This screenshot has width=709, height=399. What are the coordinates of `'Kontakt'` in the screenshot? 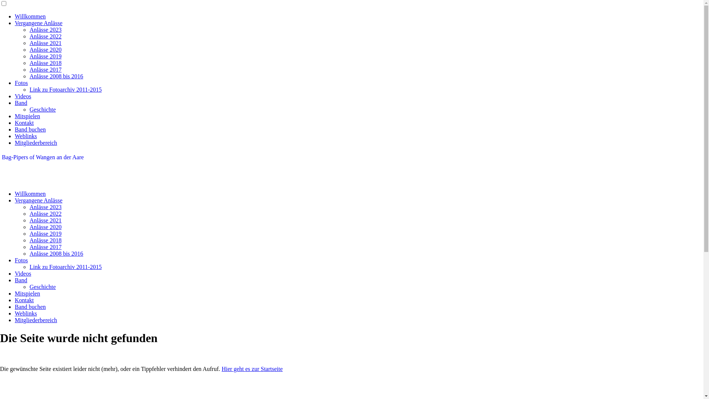 It's located at (24, 300).